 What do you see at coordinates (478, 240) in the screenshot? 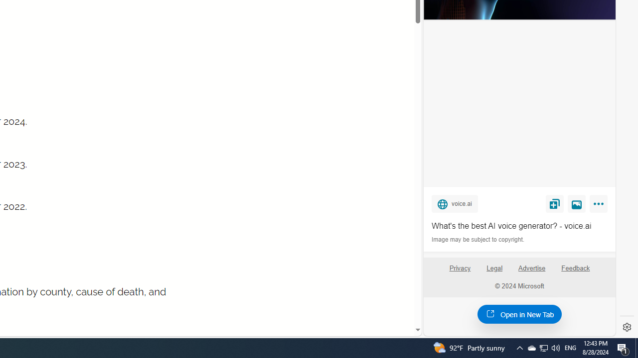
I see `'Image may be subject to copyright.'` at bounding box center [478, 240].